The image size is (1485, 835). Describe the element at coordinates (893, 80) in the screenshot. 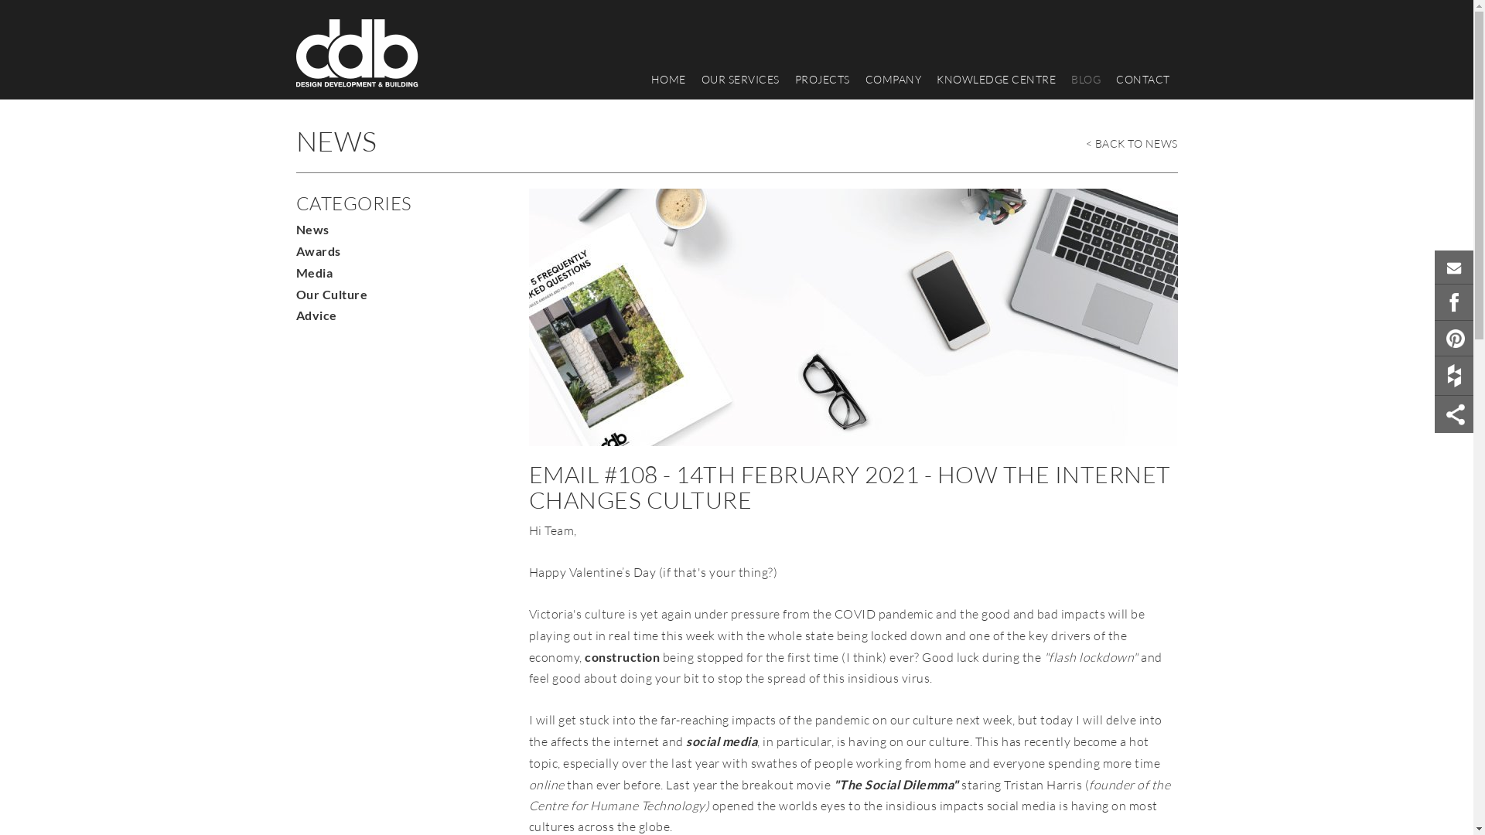

I see `'COMPANY'` at that location.